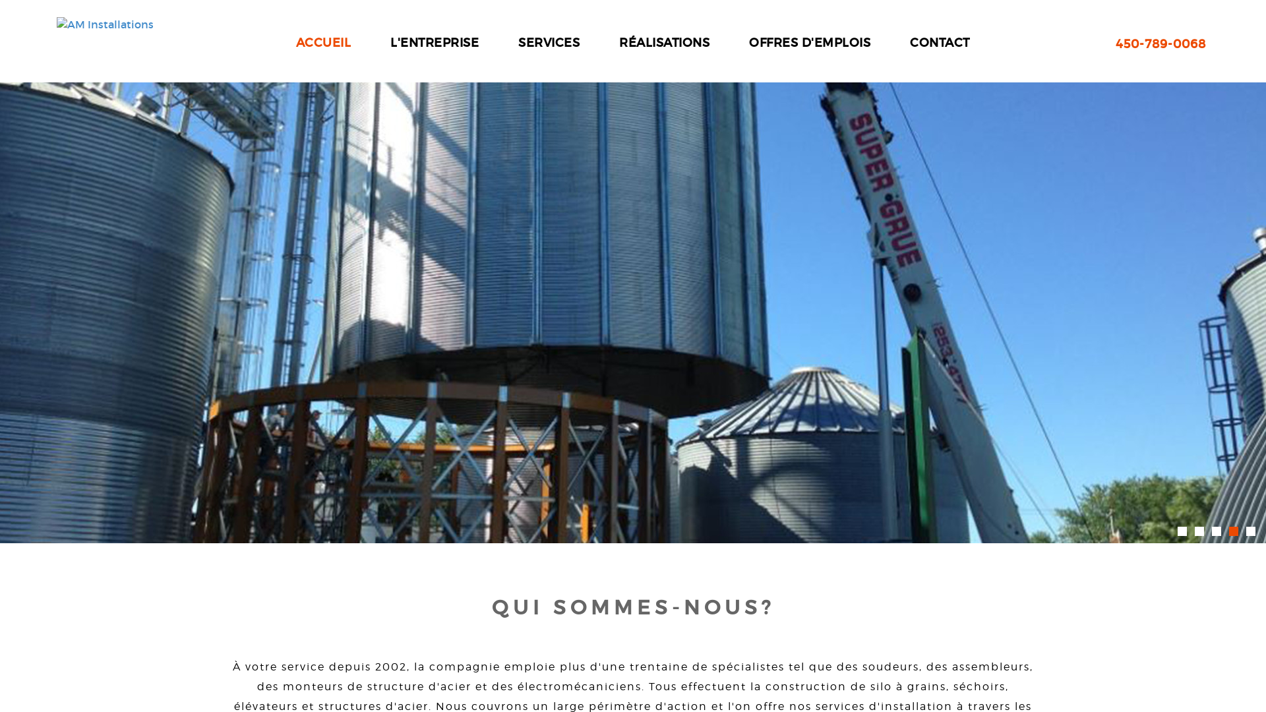 The width and height of the screenshot is (1266, 712). I want to click on 'SERVICES', so click(549, 42).